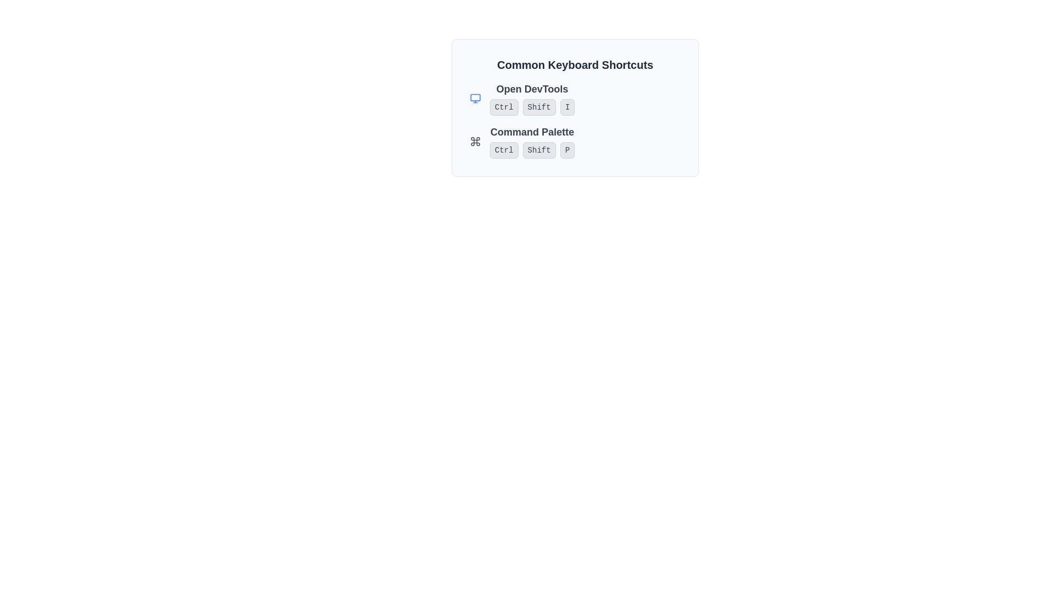 This screenshot has width=1058, height=595. Describe the element at coordinates (476, 141) in the screenshot. I see `the leftmost icon in the bottom row of the 'Common Keyboard Shortcuts' box, which represents the 'Command Palette' functionality` at that location.